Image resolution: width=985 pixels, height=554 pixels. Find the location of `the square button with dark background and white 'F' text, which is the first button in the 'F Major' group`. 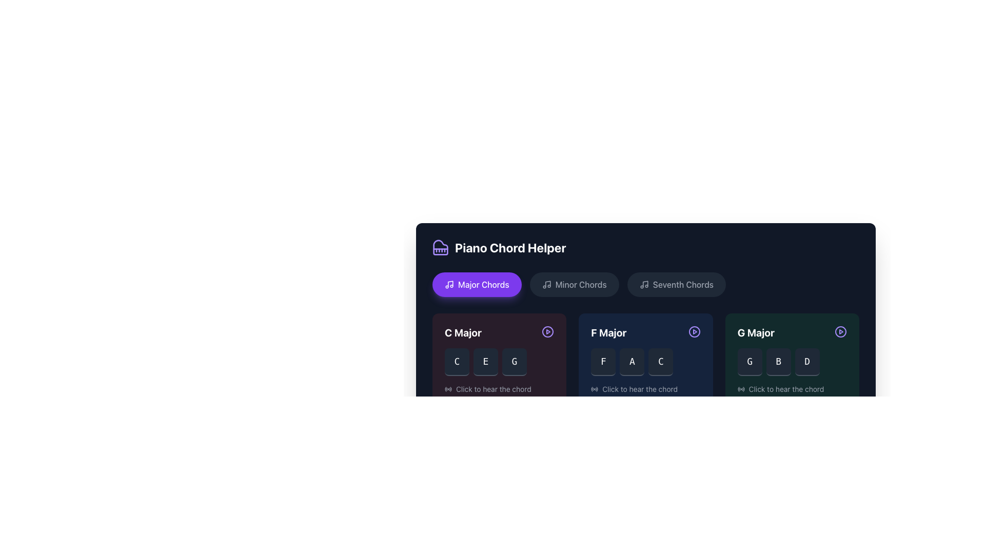

the square button with dark background and white 'F' text, which is the first button in the 'F Major' group is located at coordinates (603, 361).